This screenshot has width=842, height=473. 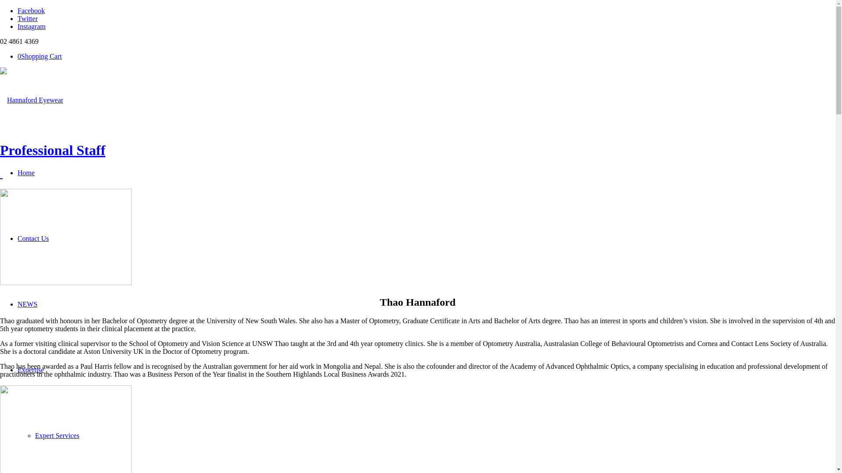 I want to click on 'Instagram', so click(x=17, y=26).